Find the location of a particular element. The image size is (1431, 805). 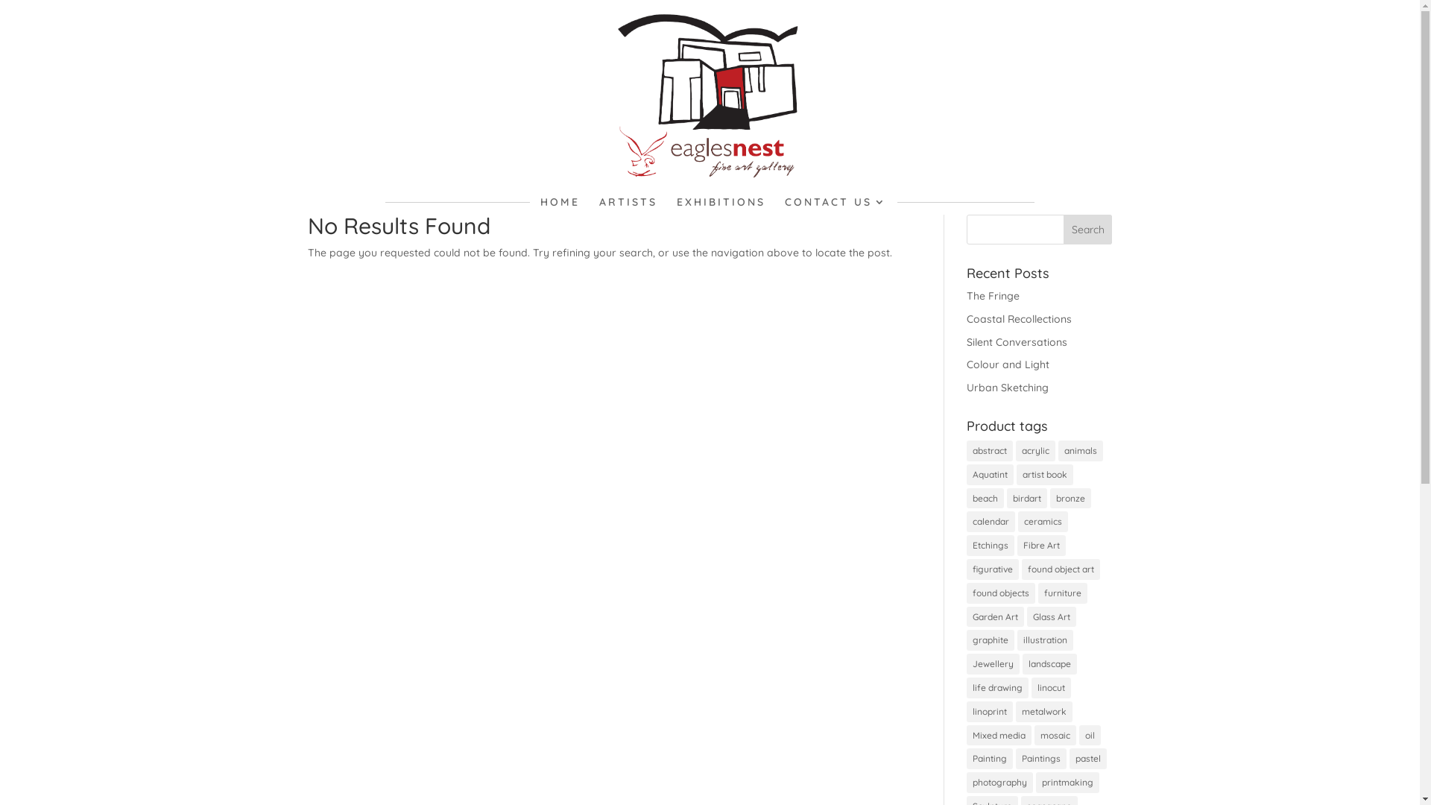

'Colour and Light' is located at coordinates (966, 364).